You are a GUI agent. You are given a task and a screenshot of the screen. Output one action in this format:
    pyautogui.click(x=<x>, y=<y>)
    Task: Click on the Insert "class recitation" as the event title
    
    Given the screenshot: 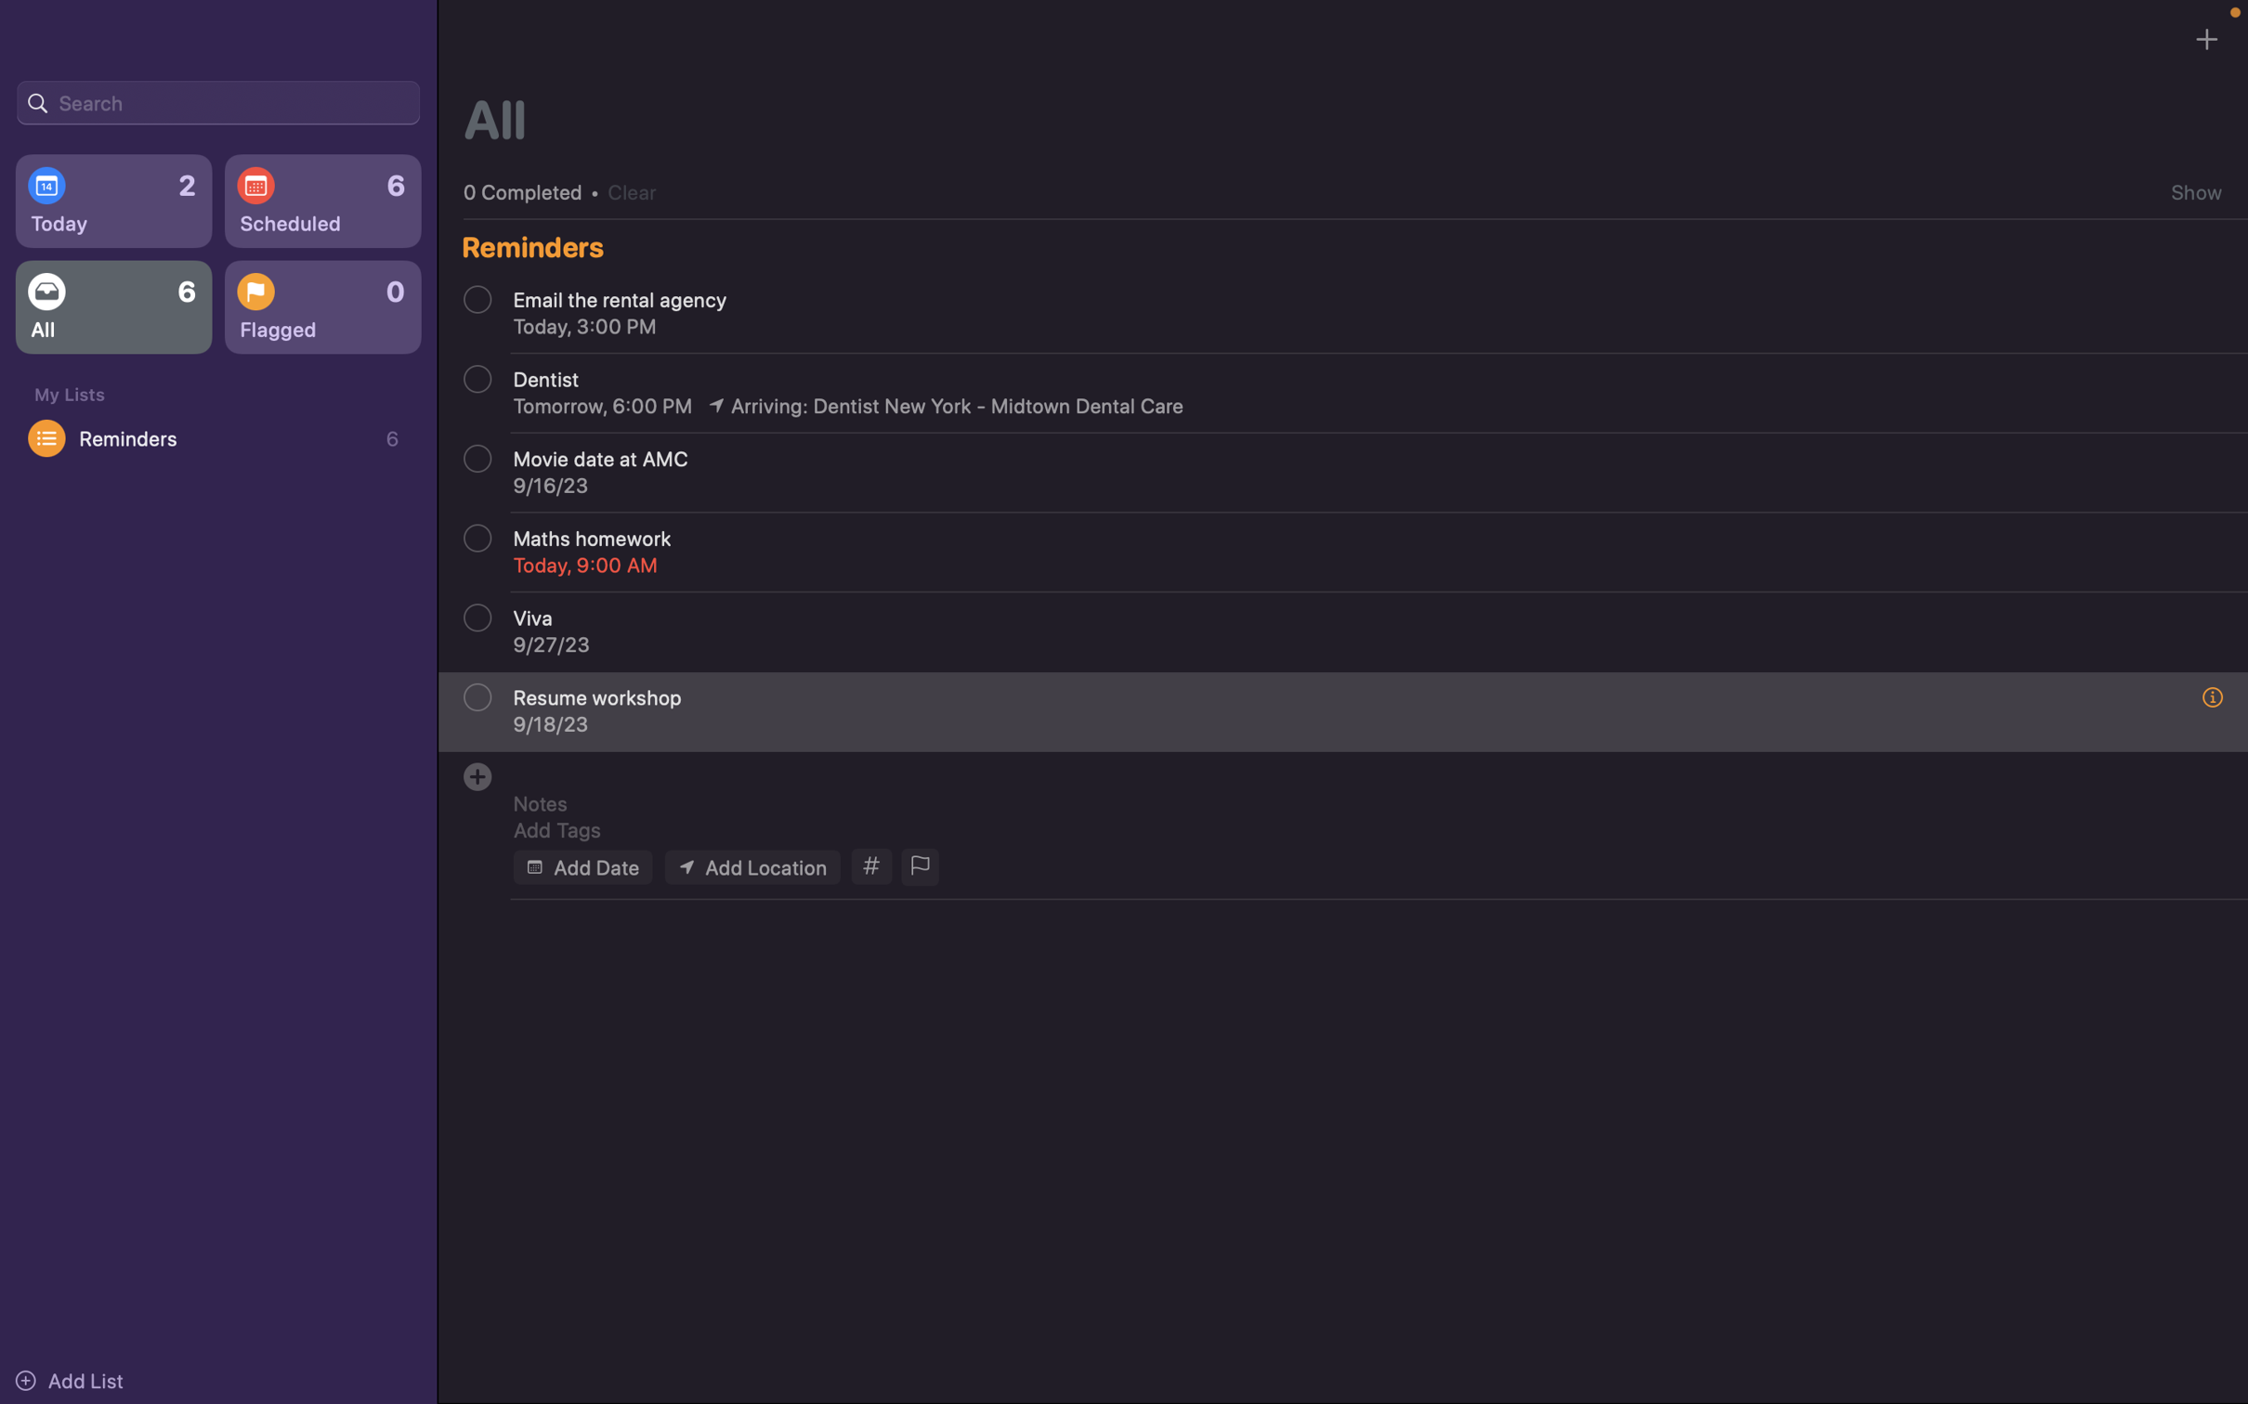 What is the action you would take?
    pyautogui.click(x=1353, y=771)
    